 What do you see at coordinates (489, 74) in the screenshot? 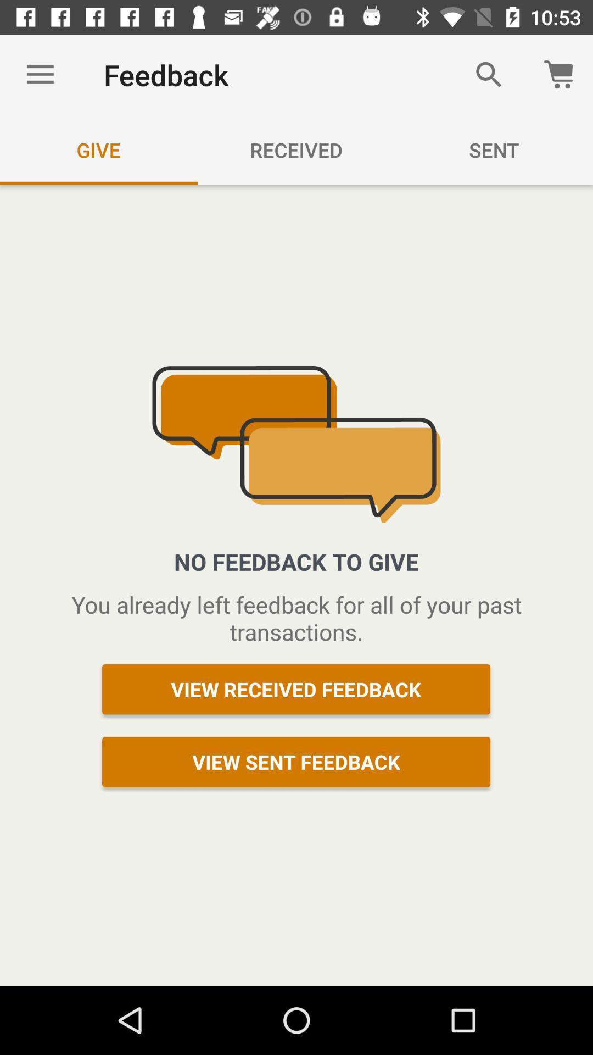
I see `the icon to the right of the feedback` at bounding box center [489, 74].